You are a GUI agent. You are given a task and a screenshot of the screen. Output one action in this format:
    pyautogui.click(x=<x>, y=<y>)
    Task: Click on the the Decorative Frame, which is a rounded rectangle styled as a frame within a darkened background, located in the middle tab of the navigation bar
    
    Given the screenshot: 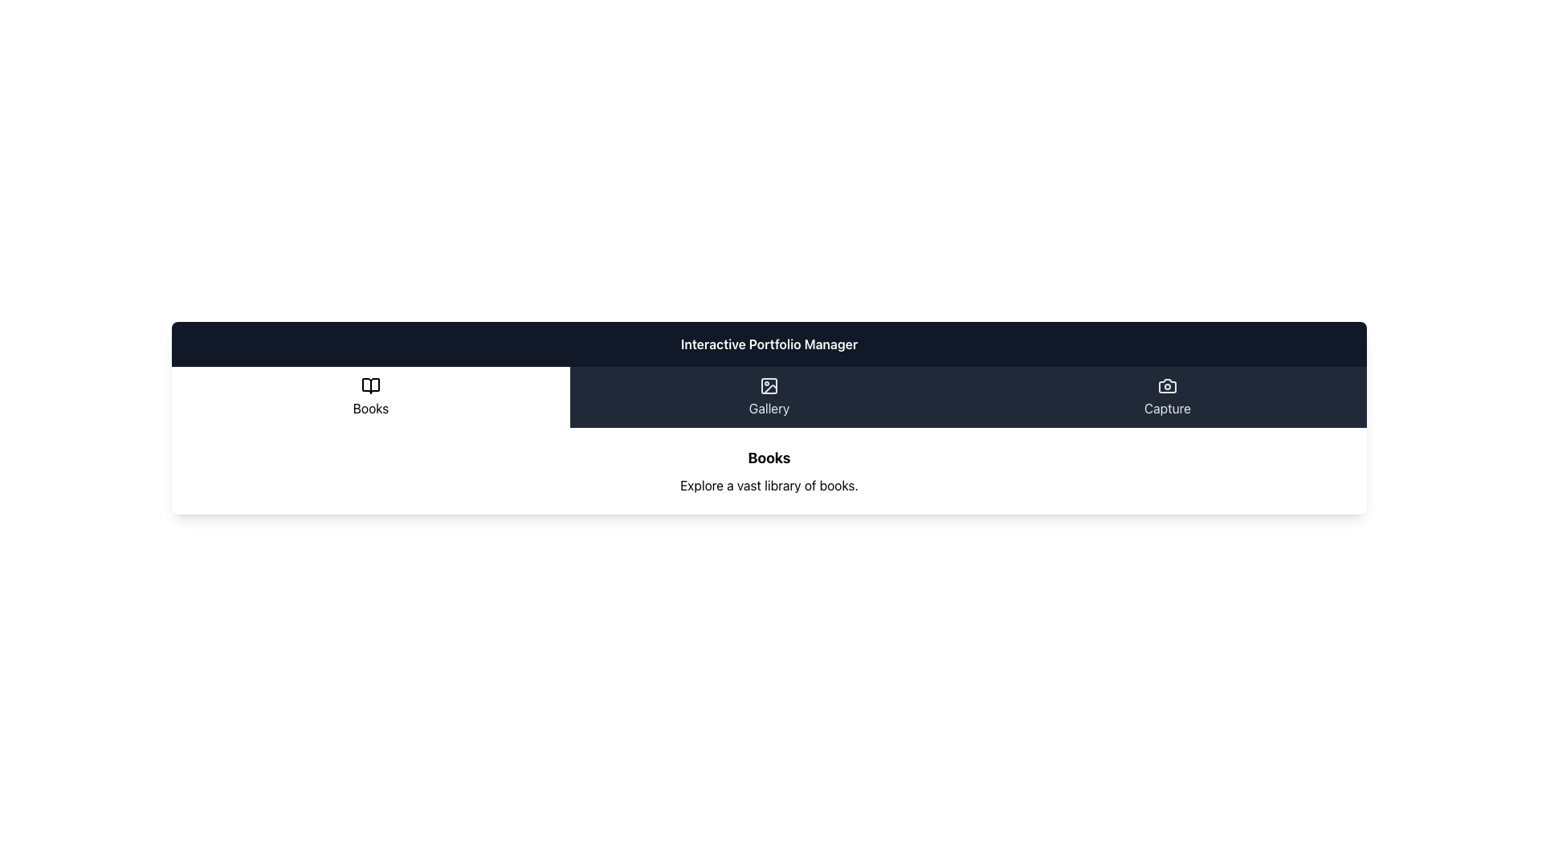 What is the action you would take?
    pyautogui.click(x=769, y=386)
    